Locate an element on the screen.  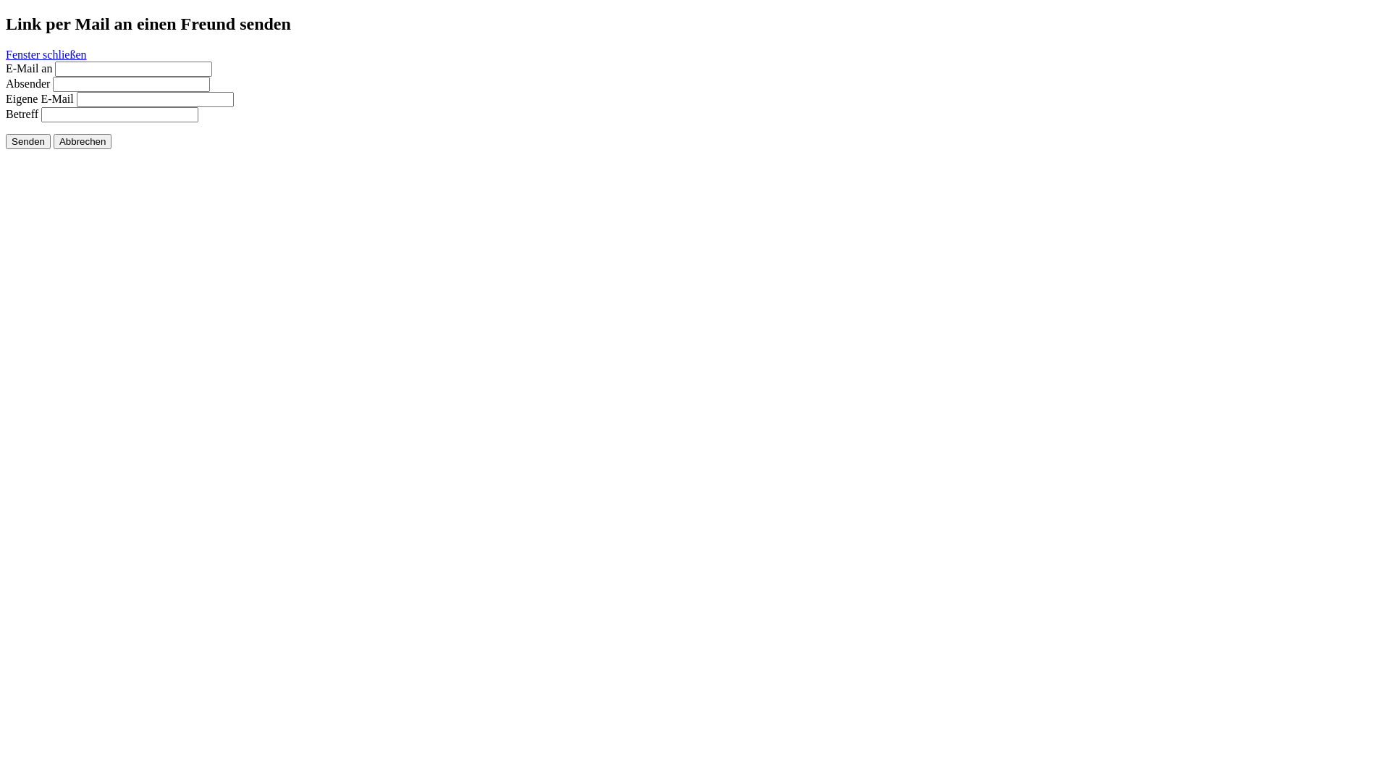
'Senden' is located at coordinates (28, 141).